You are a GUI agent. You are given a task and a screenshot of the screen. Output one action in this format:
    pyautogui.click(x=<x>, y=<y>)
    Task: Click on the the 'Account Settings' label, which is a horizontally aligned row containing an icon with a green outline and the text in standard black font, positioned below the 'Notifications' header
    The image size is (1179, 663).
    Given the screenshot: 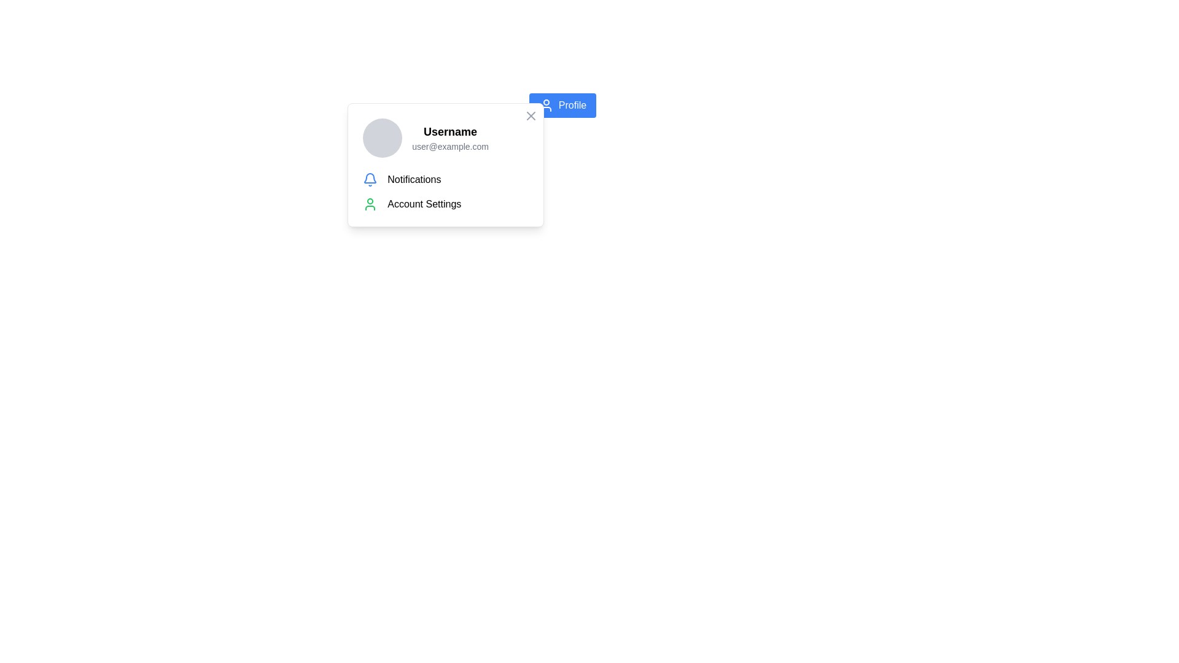 What is the action you would take?
    pyautogui.click(x=445, y=203)
    